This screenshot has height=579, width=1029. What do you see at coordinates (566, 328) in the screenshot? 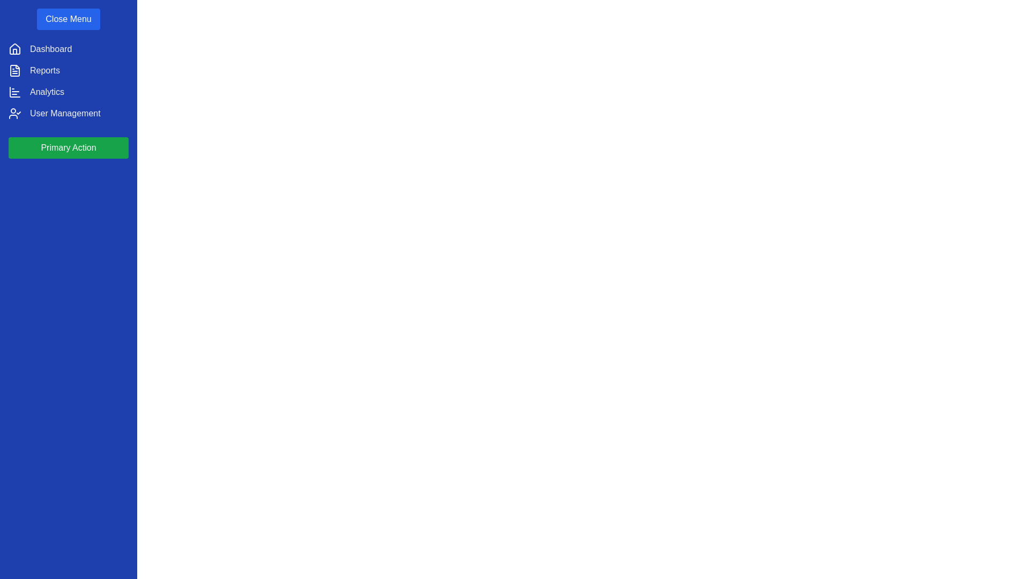
I see `the main content area to interact with it` at bounding box center [566, 328].